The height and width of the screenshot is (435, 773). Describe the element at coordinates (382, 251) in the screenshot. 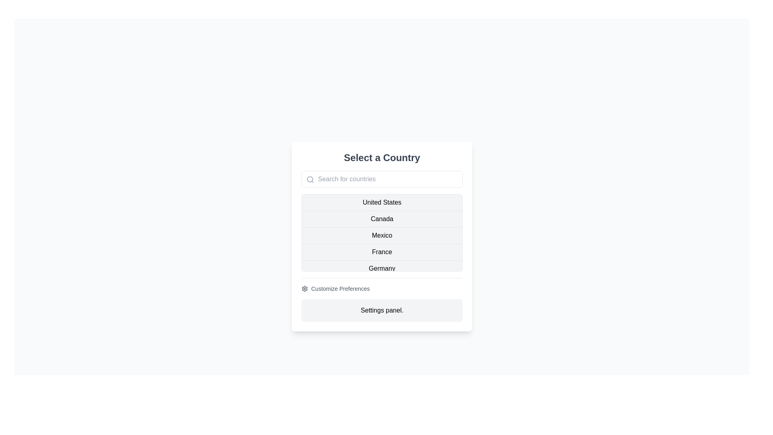

I see `the dropdown list item labeled 'France' which is the fourth option in the country selection dropdown` at that location.